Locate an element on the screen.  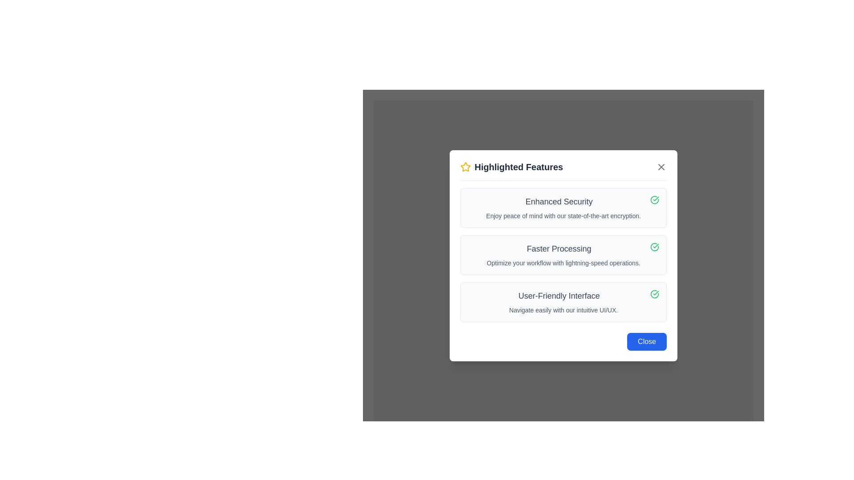
the 'Close' button with a bright blue background and white text located at the bottom-right of the 'Highlighted Features' modal to change its color is located at coordinates (647, 341).